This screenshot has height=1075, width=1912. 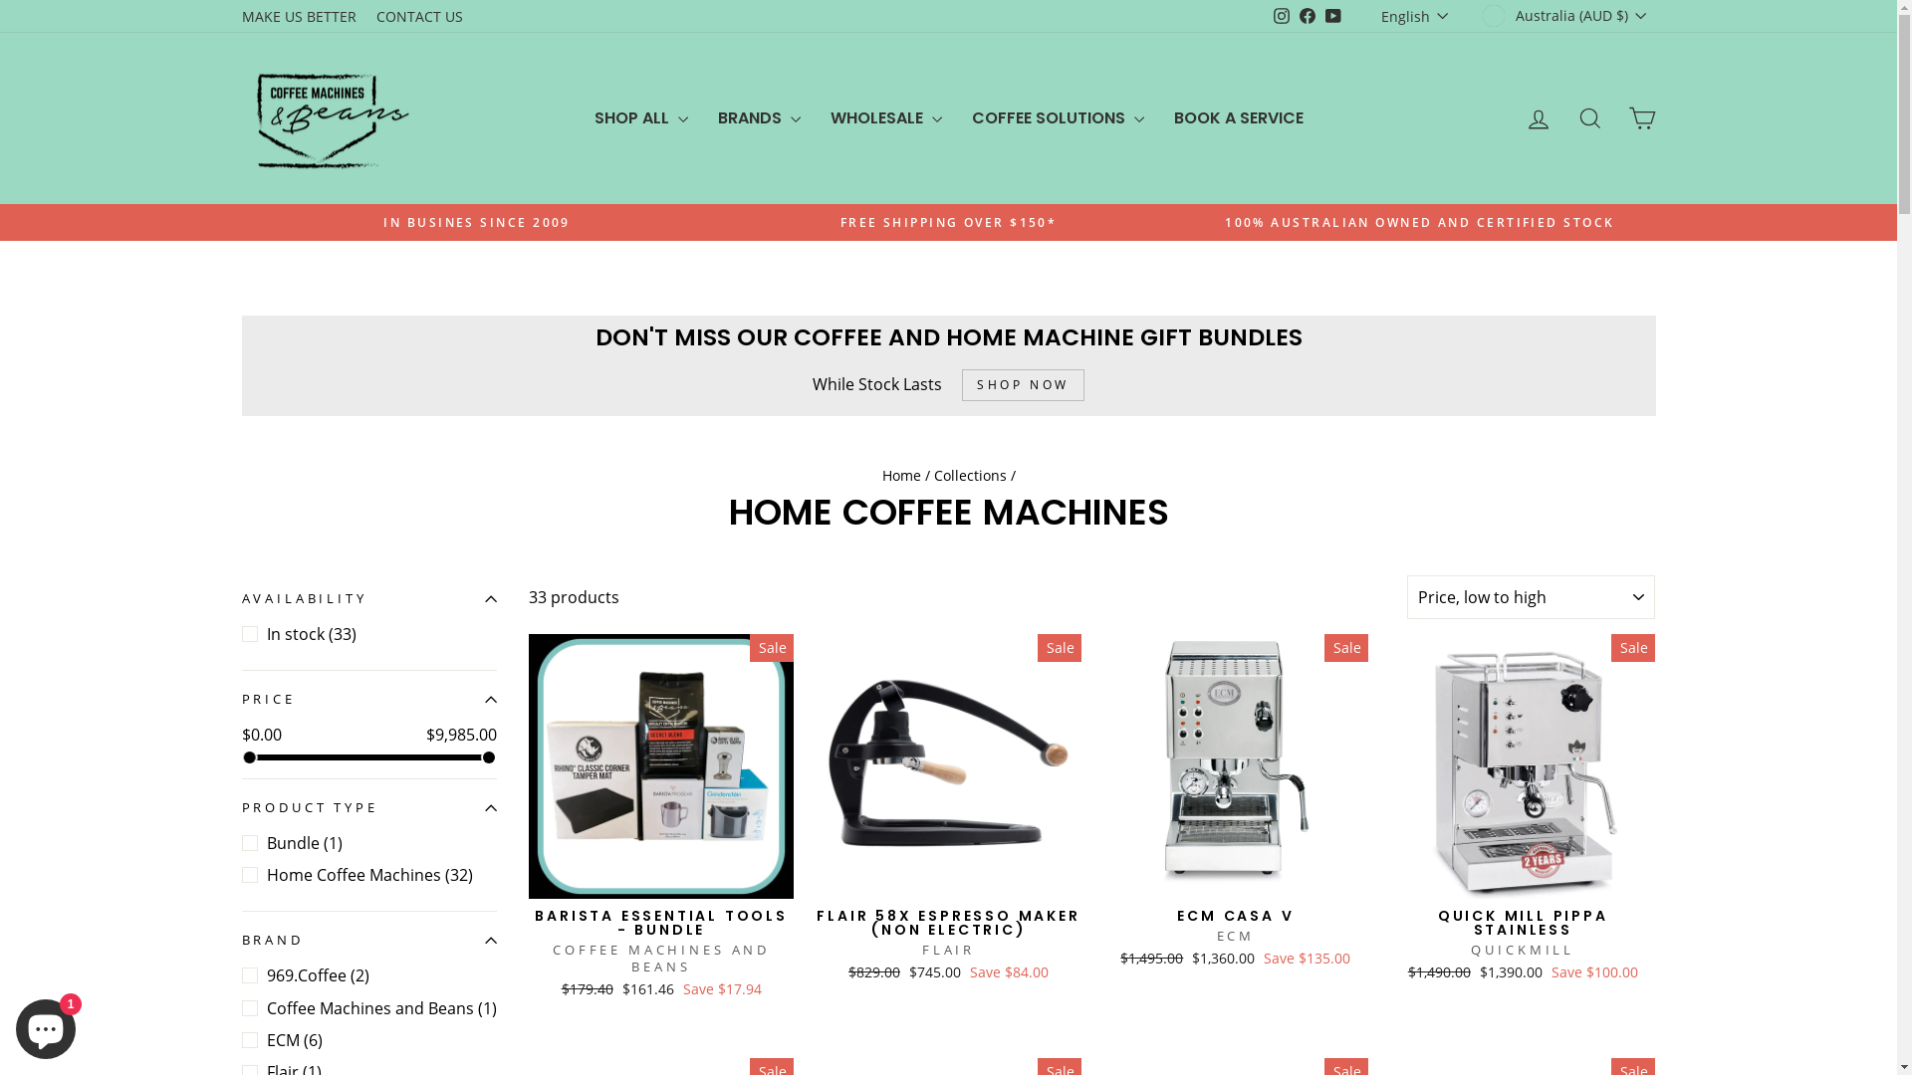 What do you see at coordinates (367, 941) in the screenshot?
I see `'BRAND'` at bounding box center [367, 941].